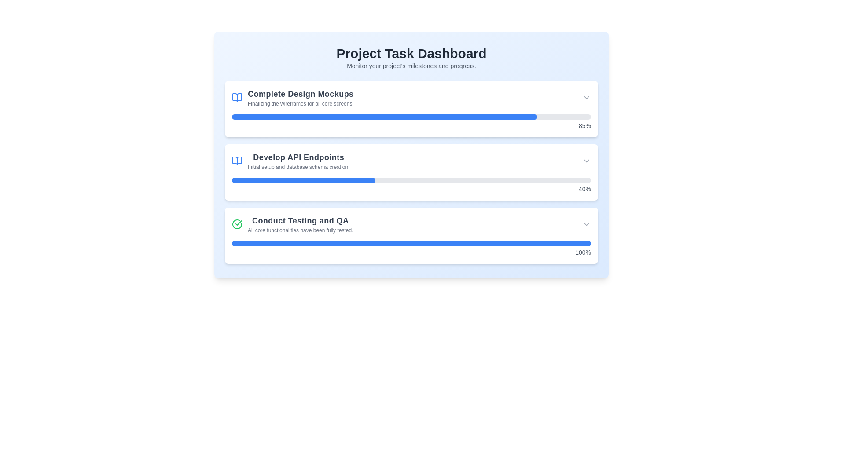 Image resolution: width=845 pixels, height=475 pixels. I want to click on the text label displaying 'Monitor your project's milestones and progress.', which is centered below the title 'Project Task Dashboard', so click(411, 66).